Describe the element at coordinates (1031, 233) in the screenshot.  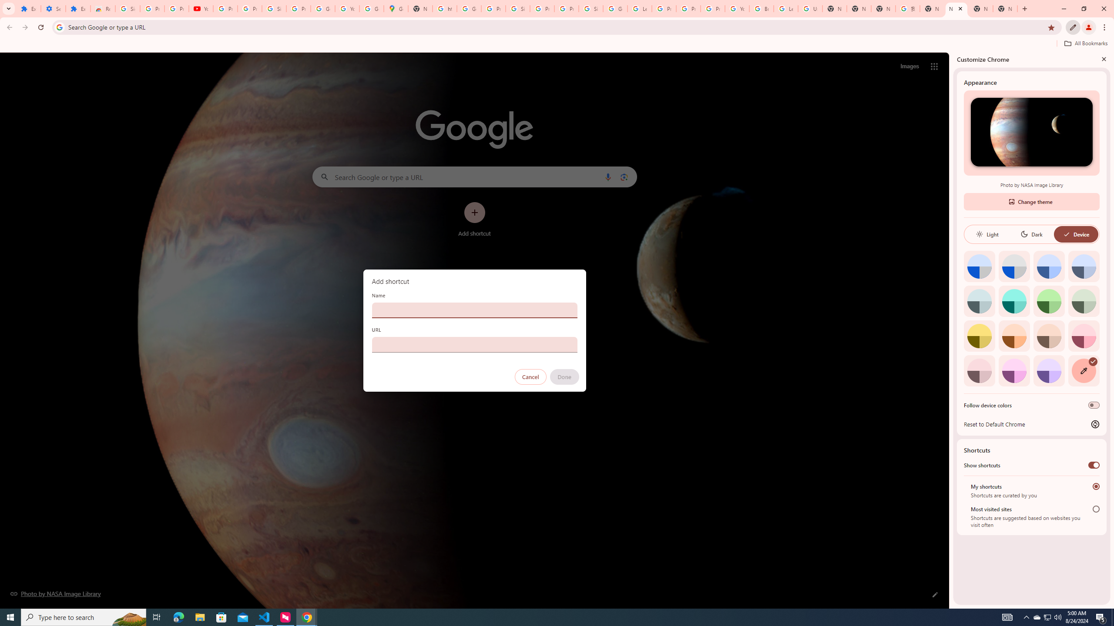
I see `'Dark'` at that location.